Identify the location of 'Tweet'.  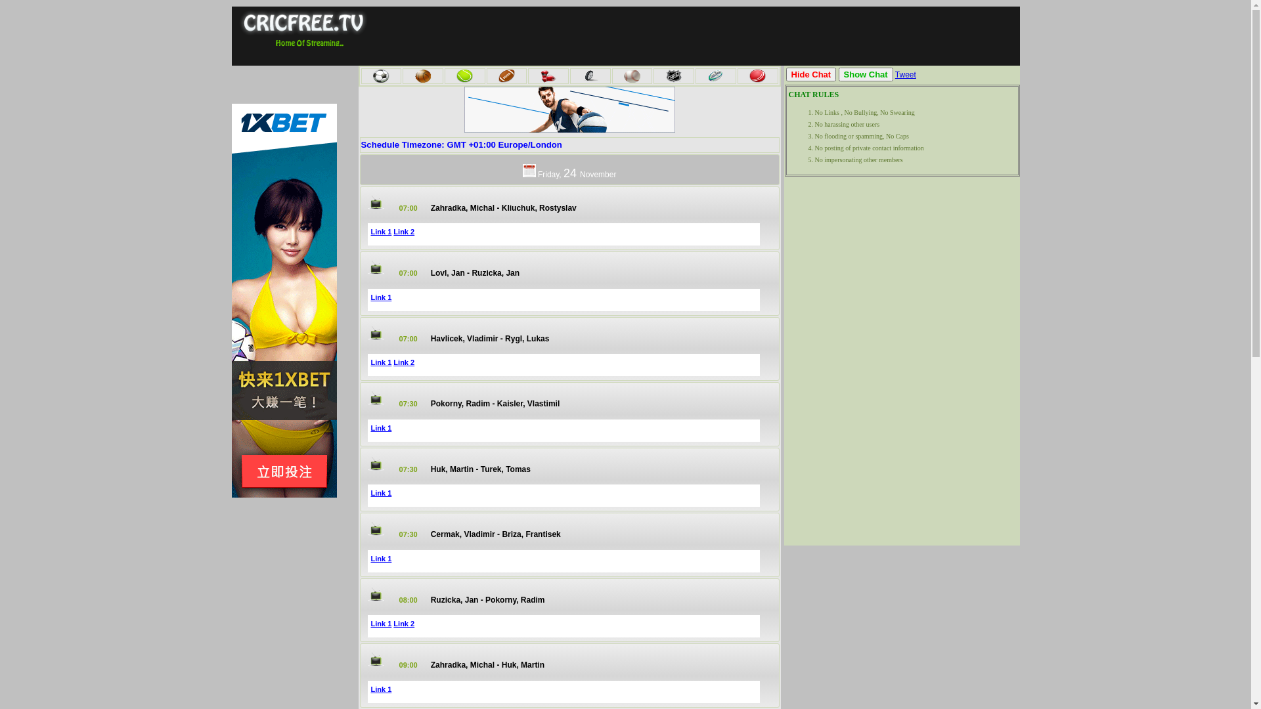
(904, 75).